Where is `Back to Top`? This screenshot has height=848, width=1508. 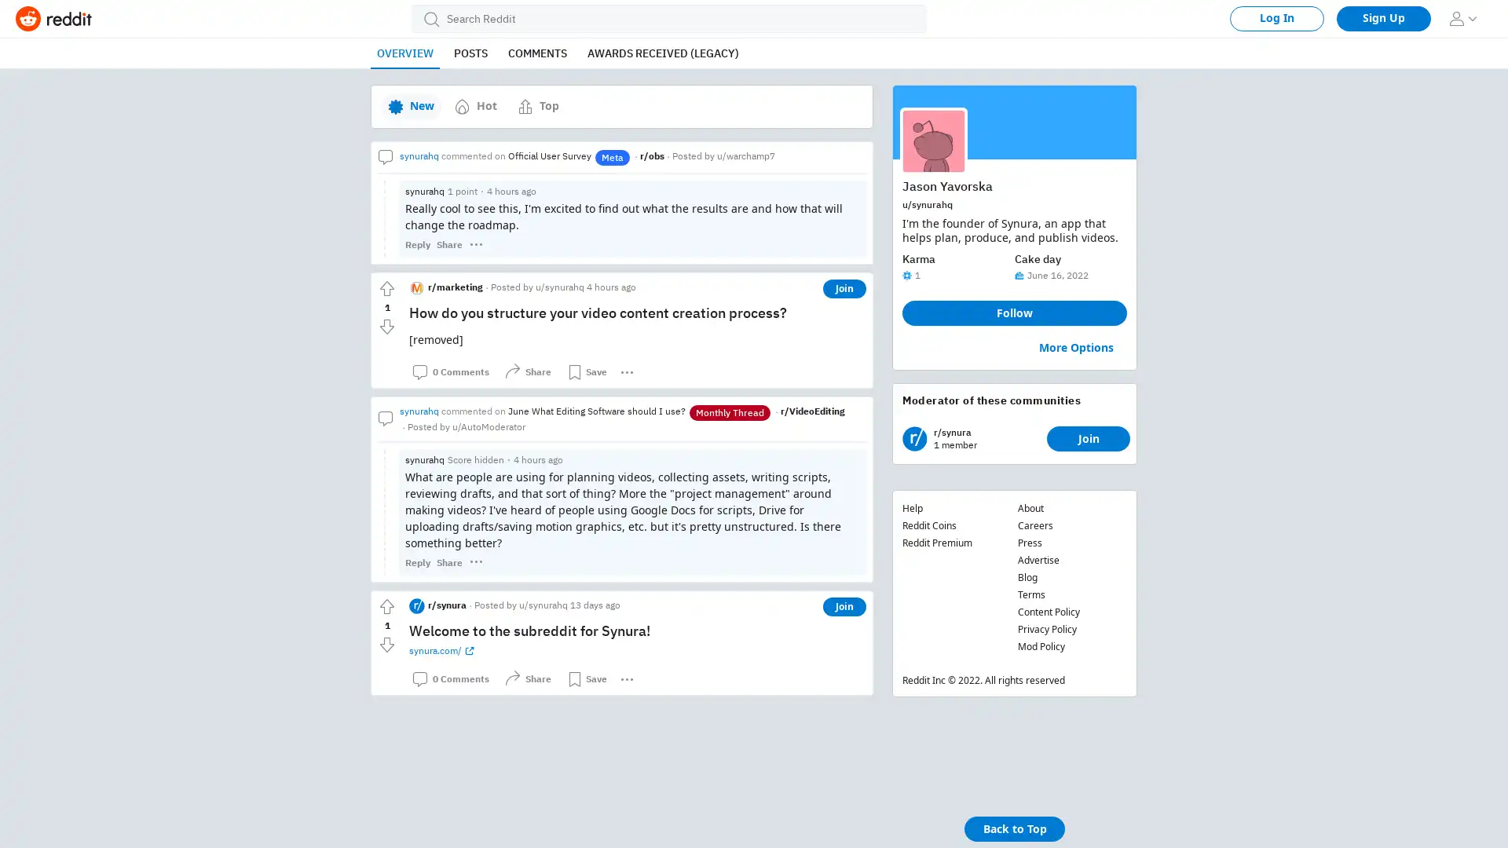 Back to Top is located at coordinates (1014, 828).